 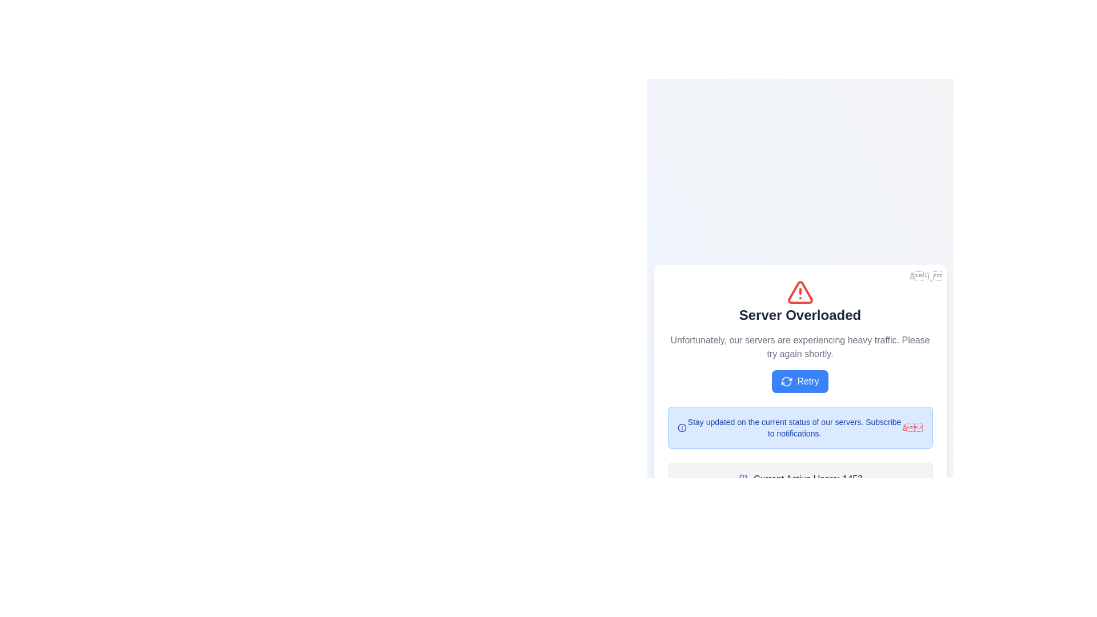 What do you see at coordinates (799, 292) in the screenshot?
I see `the alert icon that indicates an important message, located centrally within the white card layout, directly above the 'Server Overloaded' text` at bounding box center [799, 292].